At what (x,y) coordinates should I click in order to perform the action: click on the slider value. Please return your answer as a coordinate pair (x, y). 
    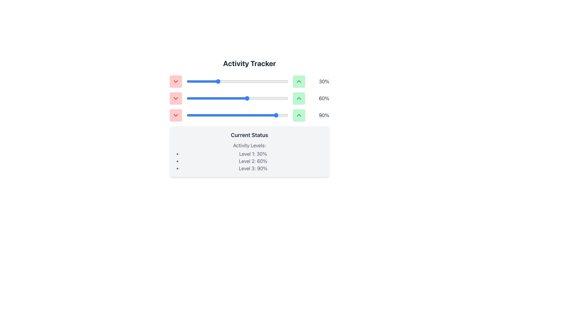
    Looking at the image, I should click on (214, 115).